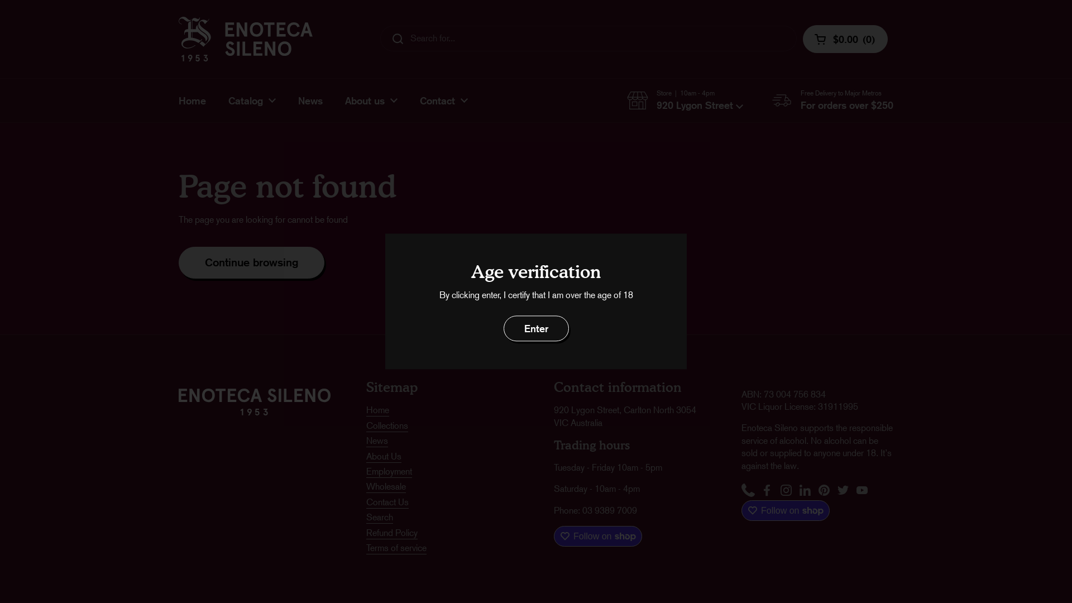  What do you see at coordinates (384, 457) in the screenshot?
I see `'About Us'` at bounding box center [384, 457].